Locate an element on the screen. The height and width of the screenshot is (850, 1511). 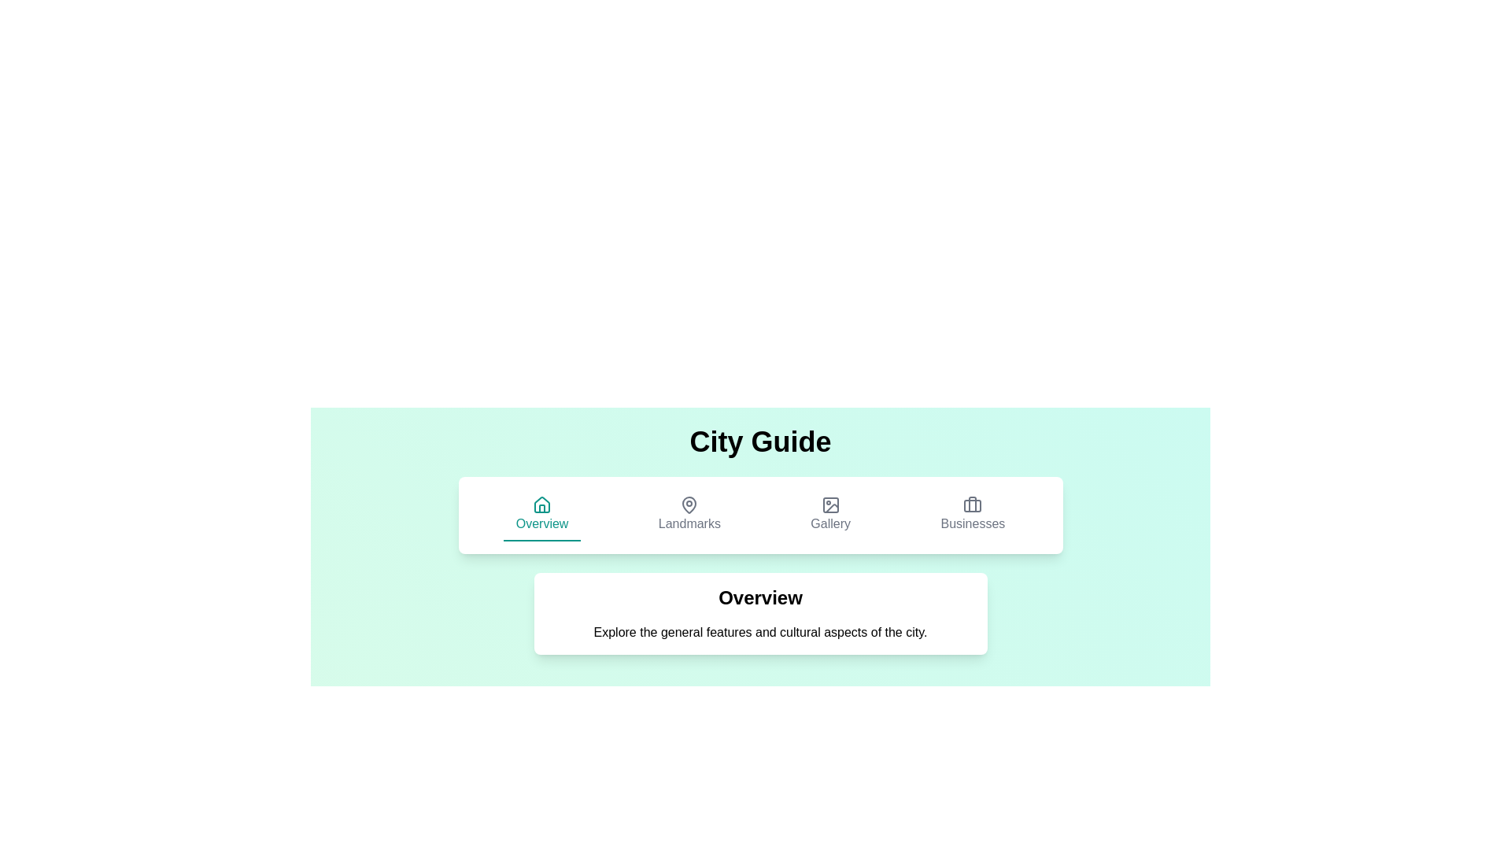
the vertical line segment feature of the briefcase icon, which is the fourth icon in the row of navigation buttons under the 'City Guide' heading is located at coordinates (972, 504).